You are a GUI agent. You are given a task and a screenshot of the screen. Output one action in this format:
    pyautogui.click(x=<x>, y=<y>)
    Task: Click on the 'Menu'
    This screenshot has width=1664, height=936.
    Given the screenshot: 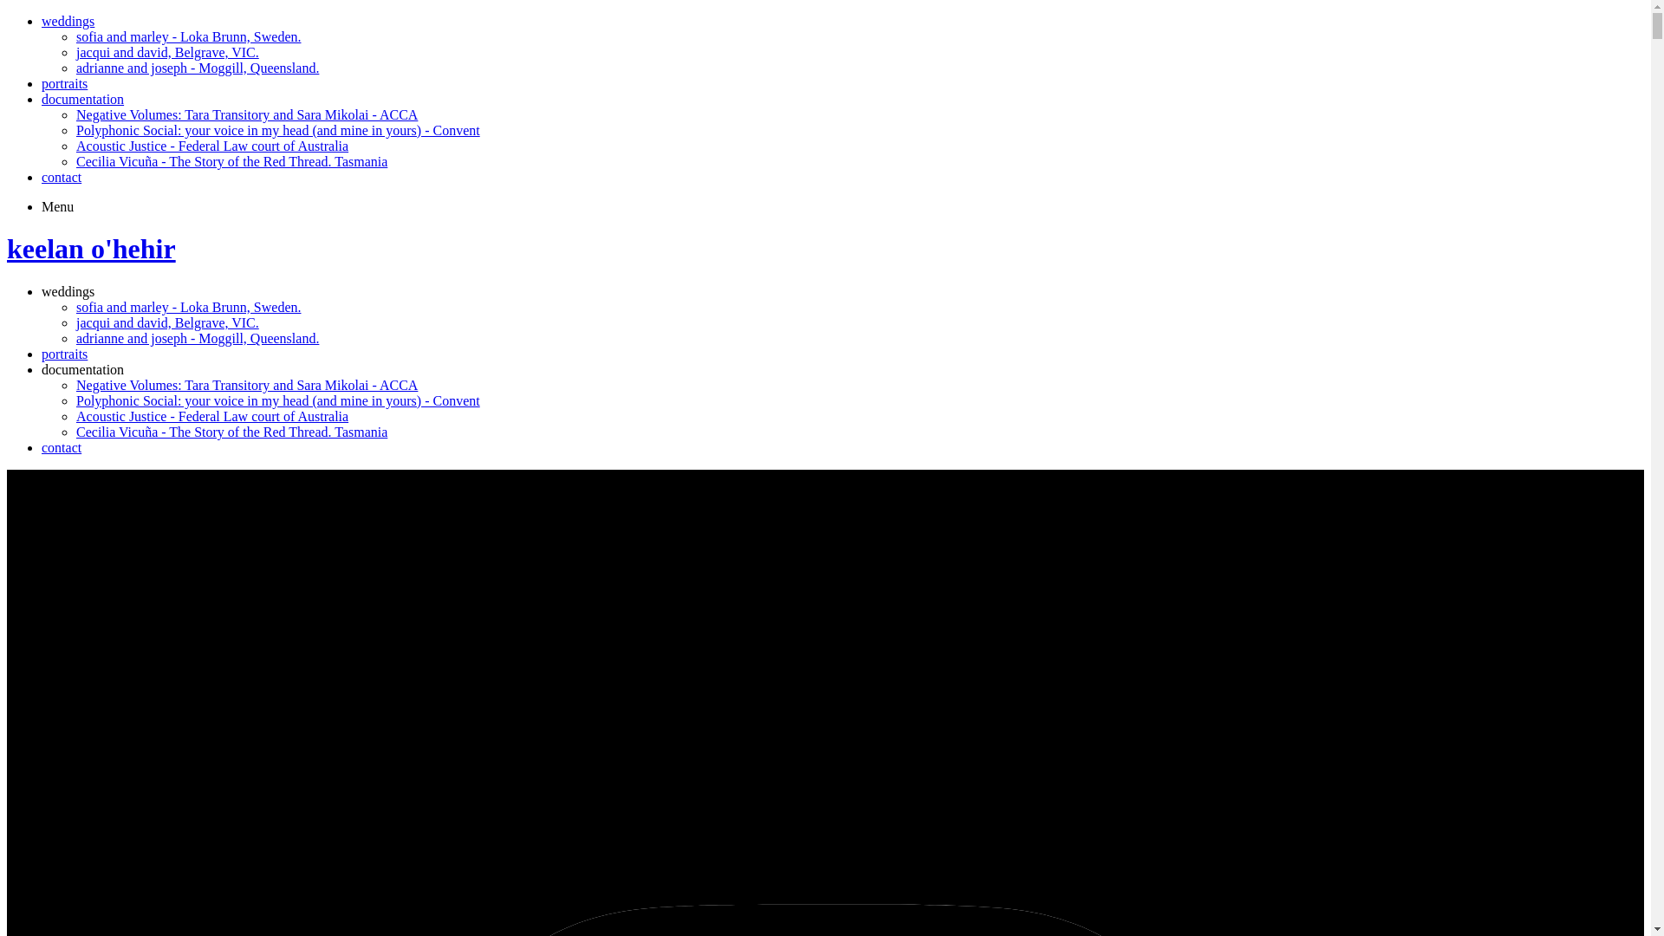 What is the action you would take?
    pyautogui.click(x=57, y=205)
    